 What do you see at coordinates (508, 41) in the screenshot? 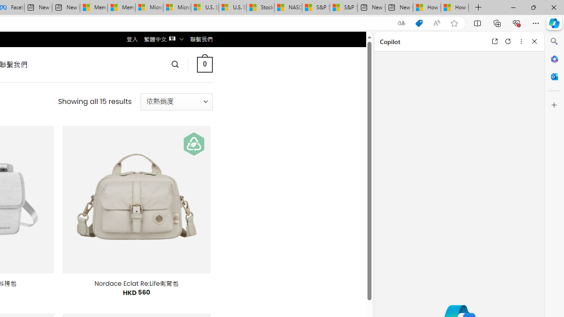
I see `'Refresh'` at bounding box center [508, 41].